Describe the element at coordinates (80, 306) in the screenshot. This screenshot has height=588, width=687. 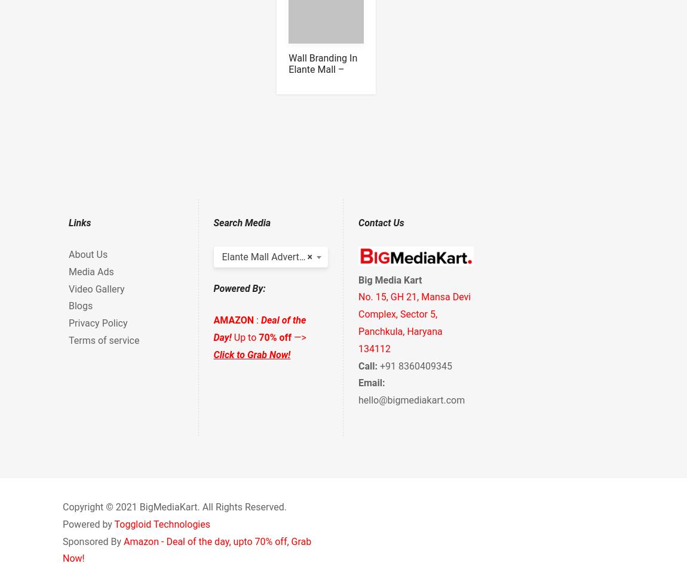
I see `'Blogs'` at that location.